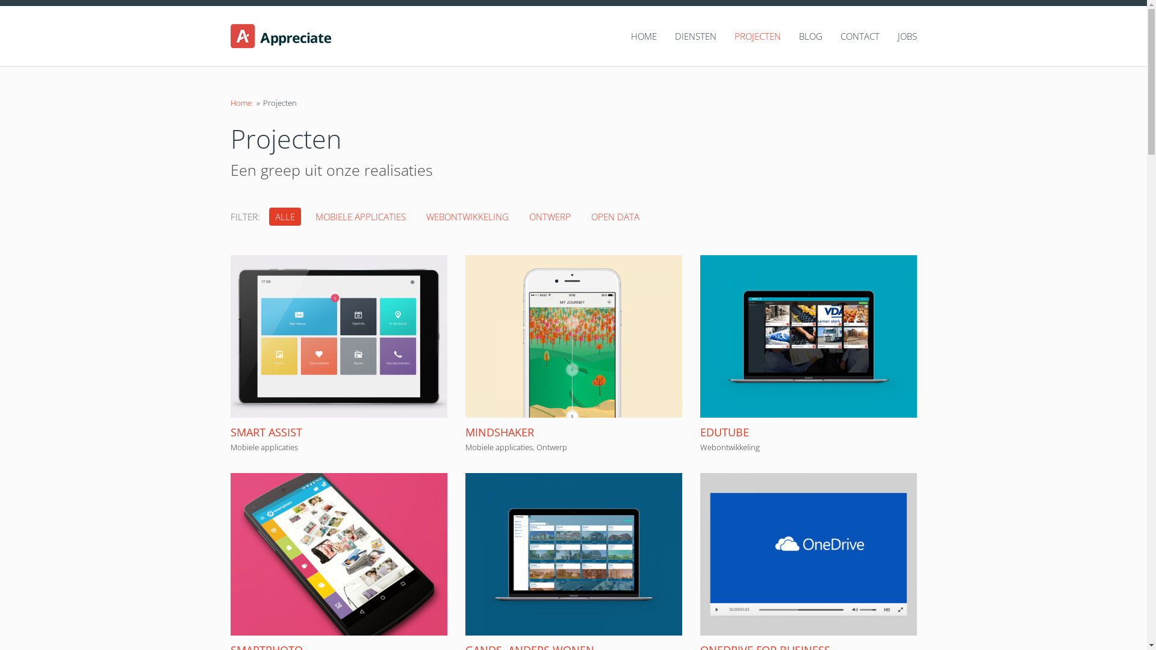  Describe the element at coordinates (263, 447) in the screenshot. I see `'Mobiele applicaties'` at that location.